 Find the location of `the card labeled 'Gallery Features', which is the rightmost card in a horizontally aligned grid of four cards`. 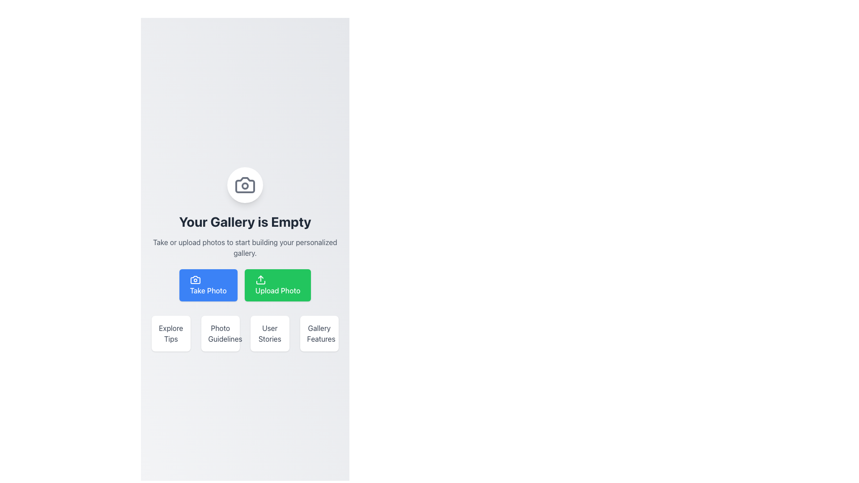

the card labeled 'Gallery Features', which is the rightmost card in a horizontally aligned grid of four cards is located at coordinates (319, 333).